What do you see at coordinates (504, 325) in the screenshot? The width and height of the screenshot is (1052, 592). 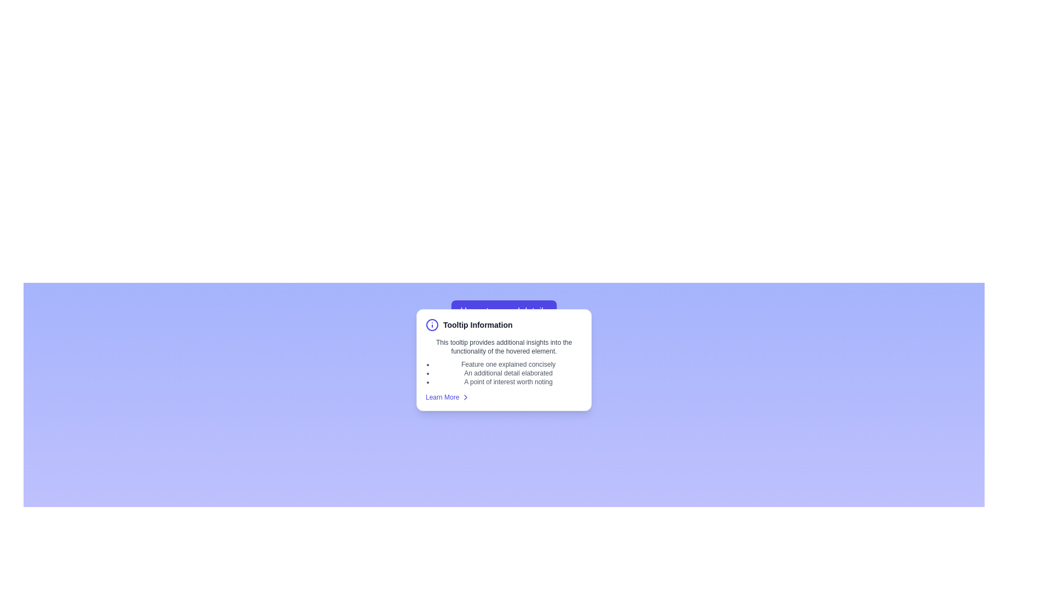 I see `the header with icon located at the top of the tooltip panel, which contains an icon and title text` at bounding box center [504, 325].